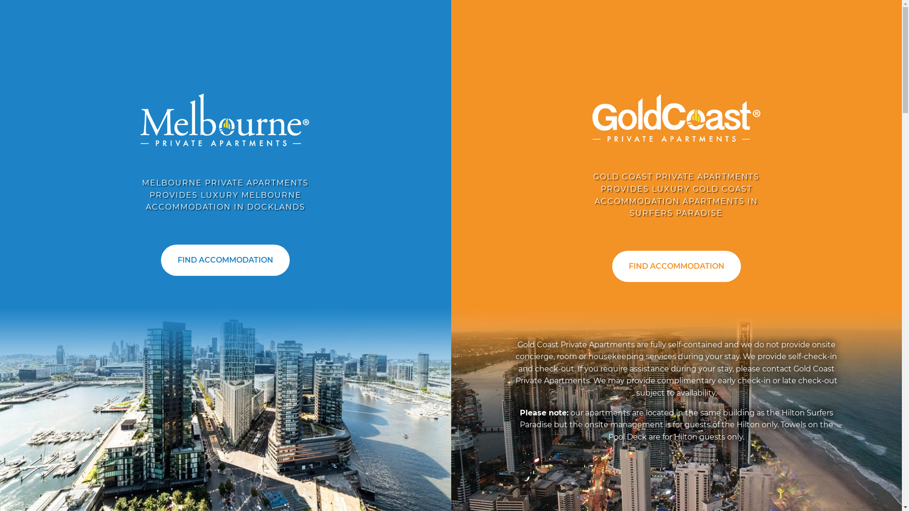 This screenshot has height=511, width=909. I want to click on 'FIND ACCOMMODATION', so click(676, 266).